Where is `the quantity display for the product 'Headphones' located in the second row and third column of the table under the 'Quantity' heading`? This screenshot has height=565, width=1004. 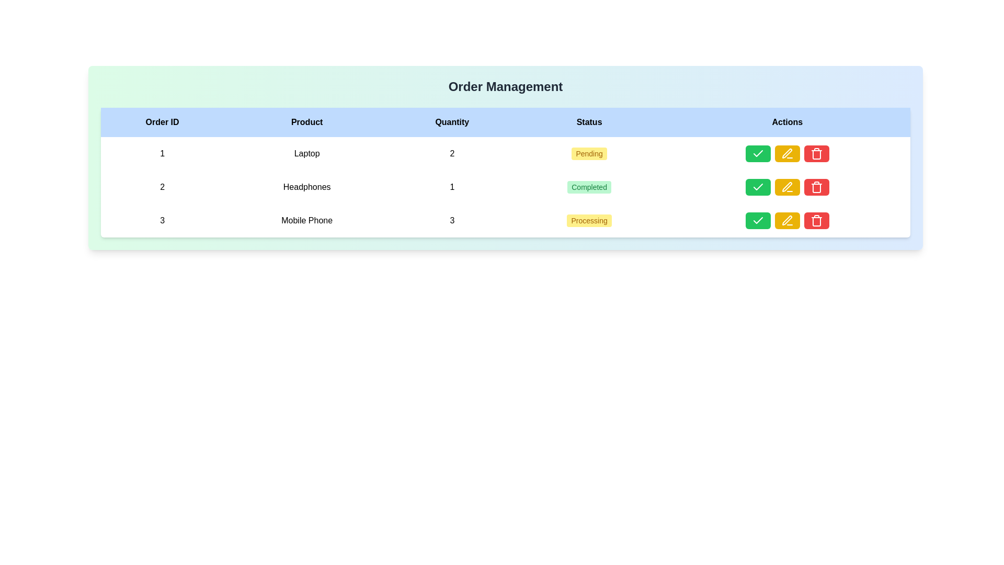
the quantity display for the product 'Headphones' located in the second row and third column of the table under the 'Quantity' heading is located at coordinates (452, 187).